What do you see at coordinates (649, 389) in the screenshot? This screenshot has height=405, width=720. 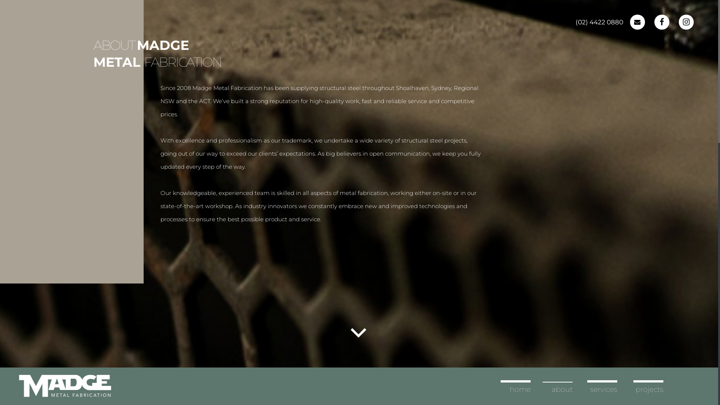 I see `'projects'` at bounding box center [649, 389].